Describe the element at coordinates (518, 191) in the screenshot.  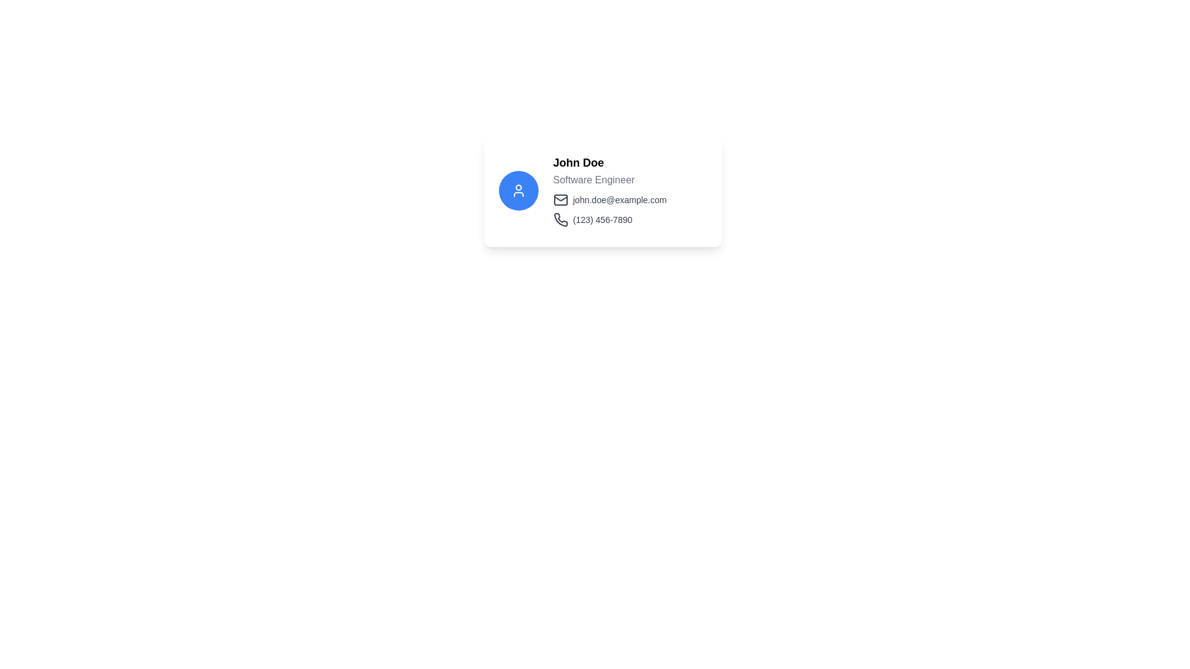
I see `the small graphical icon resembling a simplified user avatar, which is outlined with a white stroke and set against a circular blue background, located at the center of the blue circular component on the left side of a card layout` at that location.